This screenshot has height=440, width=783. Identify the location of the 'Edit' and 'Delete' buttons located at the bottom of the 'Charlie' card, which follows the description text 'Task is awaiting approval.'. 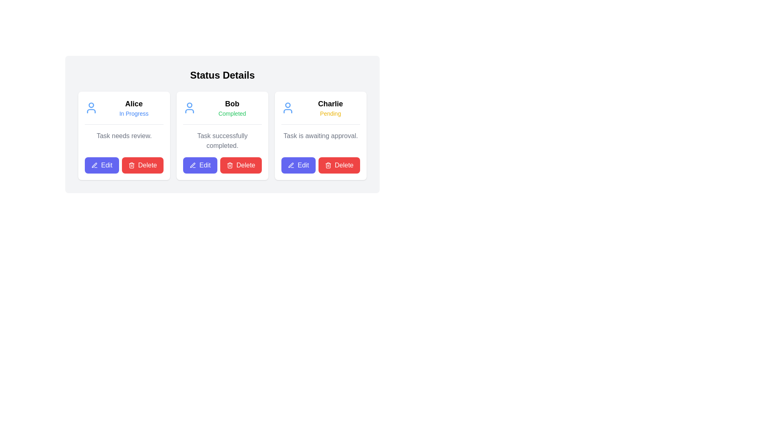
(320, 165).